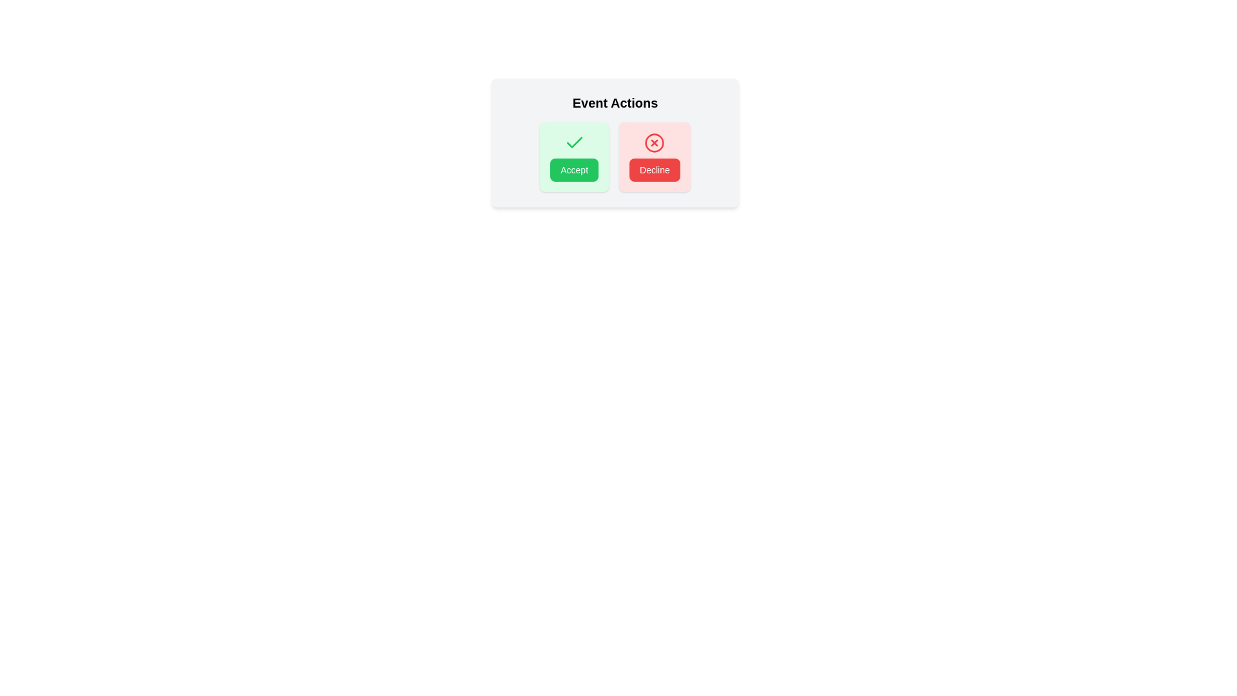 This screenshot has width=1237, height=696. What do you see at coordinates (655, 156) in the screenshot?
I see `the Decline button, which has a red background, white text, and a red 'X' icon above it` at bounding box center [655, 156].